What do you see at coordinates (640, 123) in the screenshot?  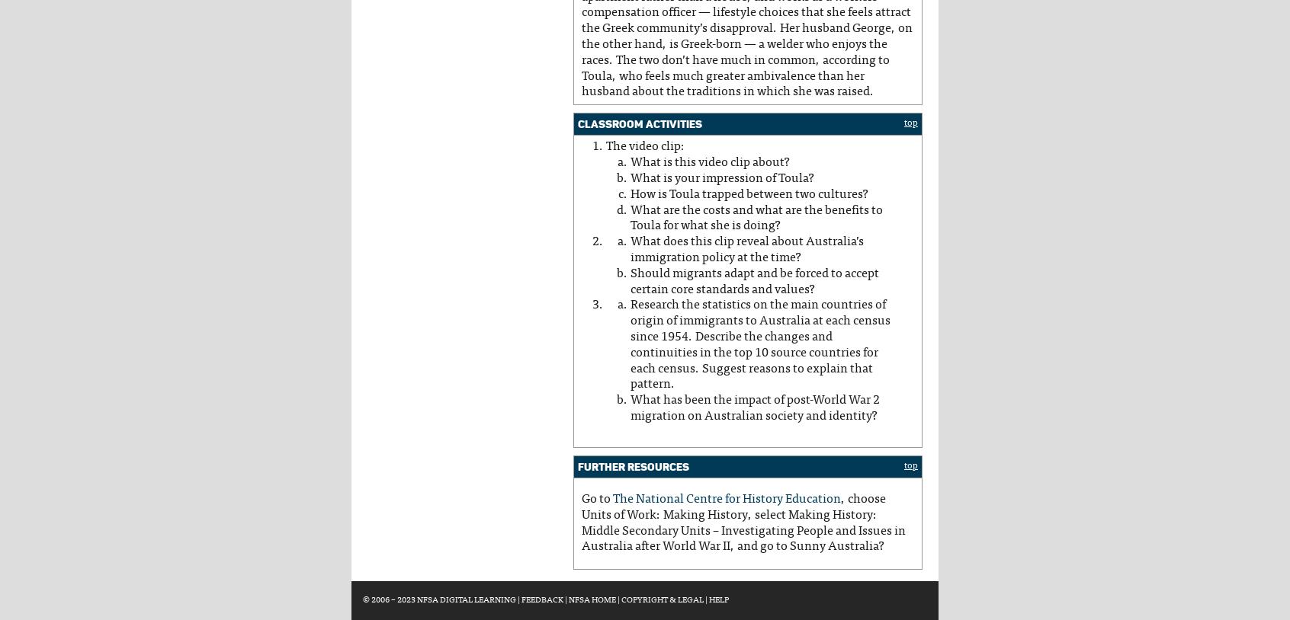 I see `'Classroom Activities'` at bounding box center [640, 123].